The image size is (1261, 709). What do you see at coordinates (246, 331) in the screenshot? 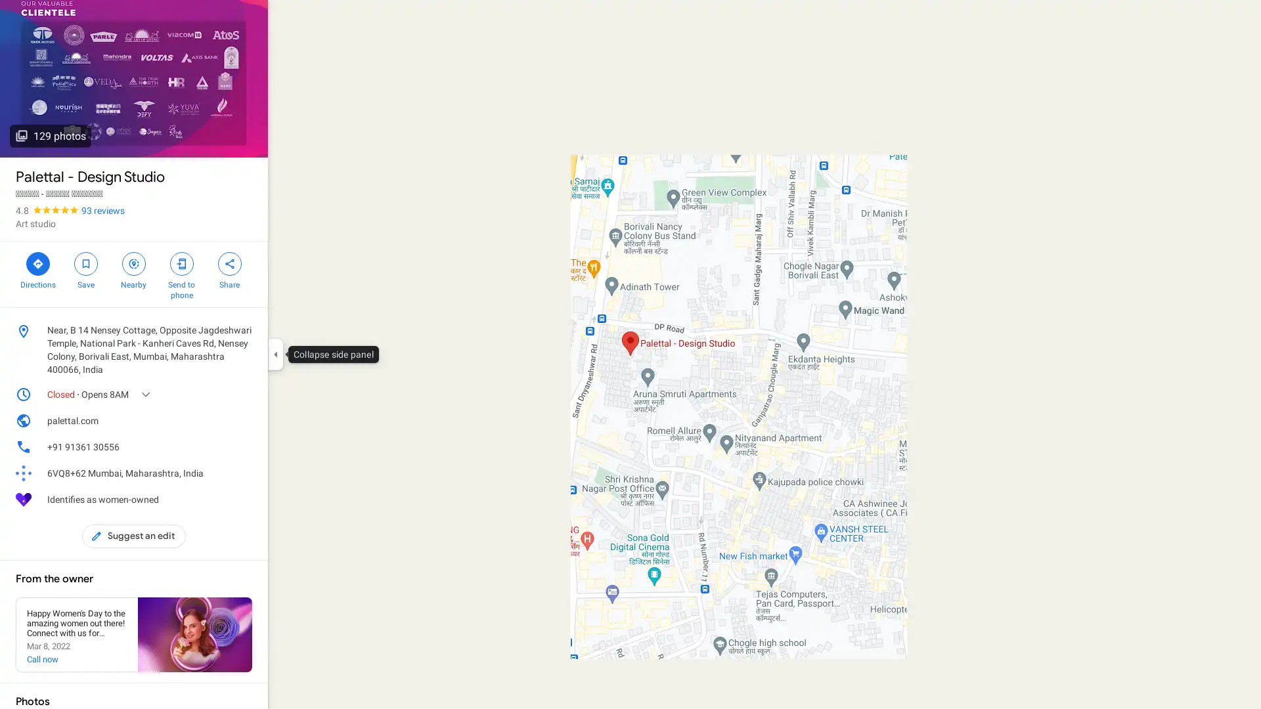
I see `Copy address` at bounding box center [246, 331].